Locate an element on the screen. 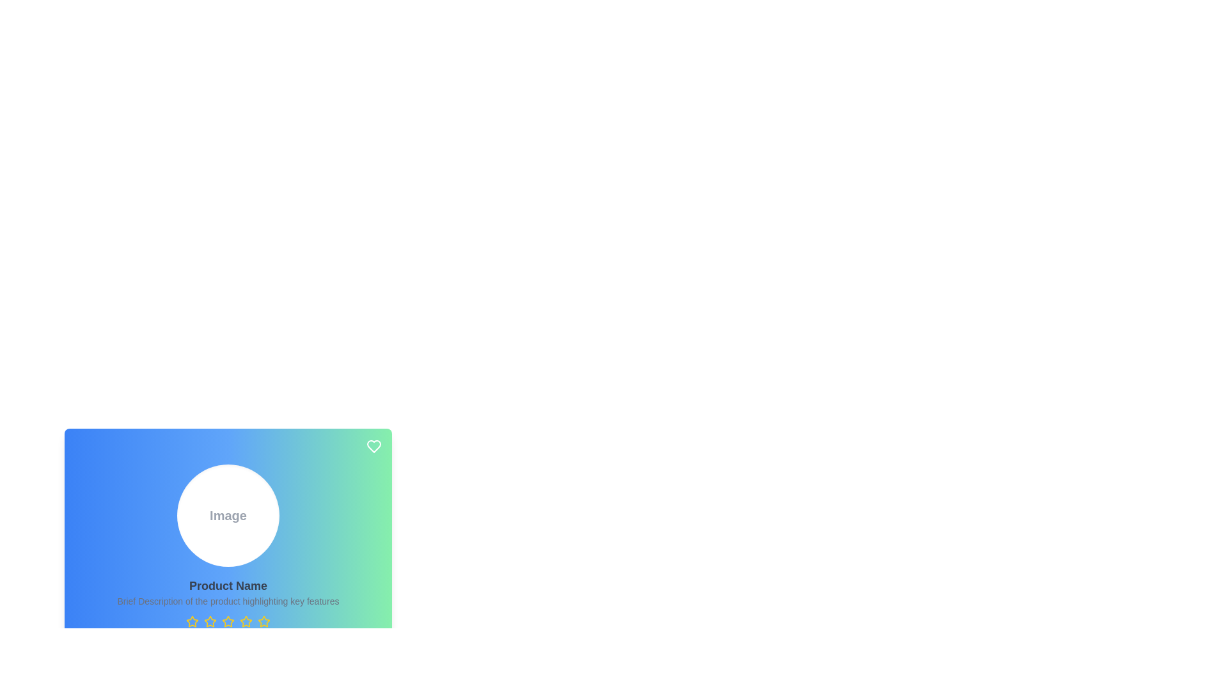 The height and width of the screenshot is (691, 1228). the second star-shaped icon in the rating component is located at coordinates (210, 621).